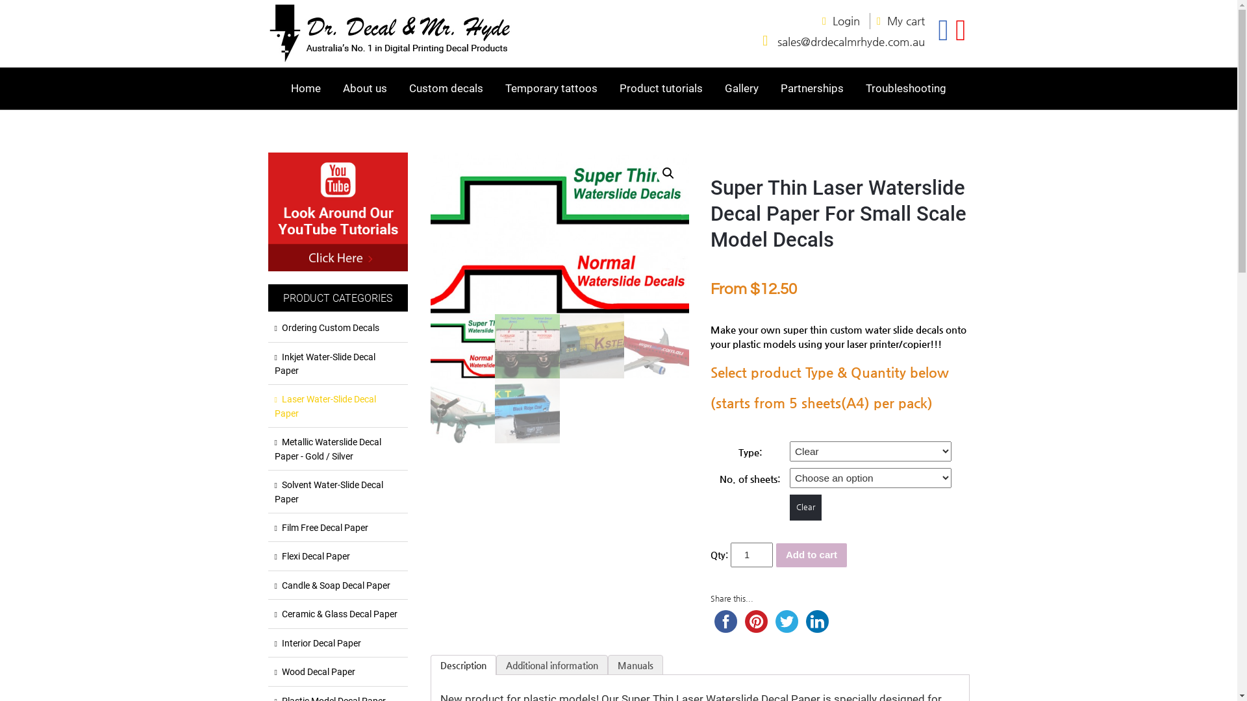  I want to click on 'Partnerships', so click(811, 88).